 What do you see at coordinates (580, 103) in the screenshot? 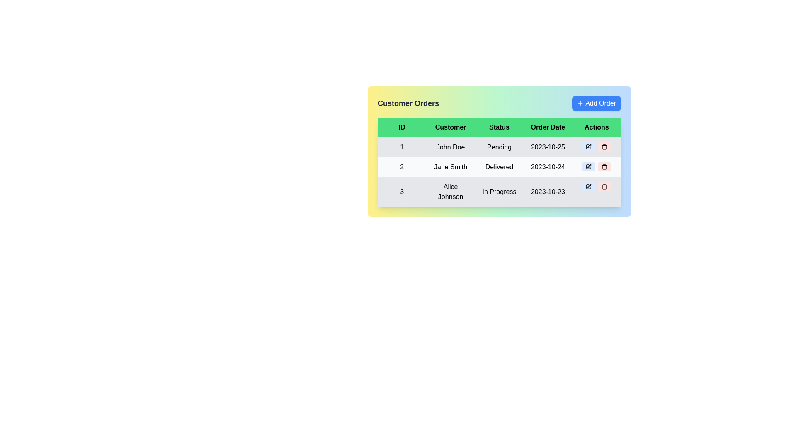
I see `the 'Add Order' button containing the small blue plus icon, which is positioned to the left of the text label` at bounding box center [580, 103].